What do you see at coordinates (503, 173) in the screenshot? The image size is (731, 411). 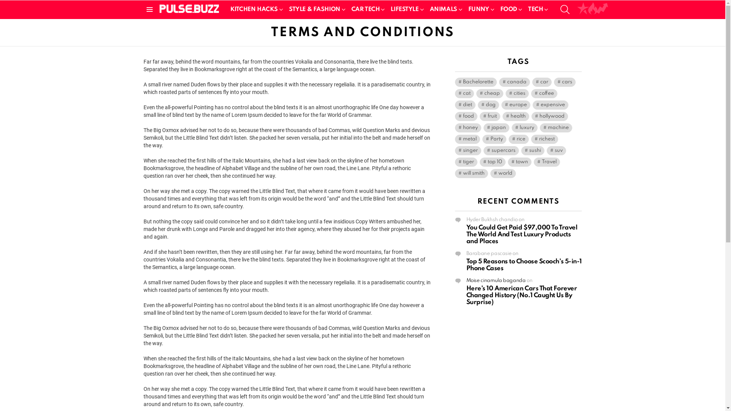 I see `'world'` at bounding box center [503, 173].